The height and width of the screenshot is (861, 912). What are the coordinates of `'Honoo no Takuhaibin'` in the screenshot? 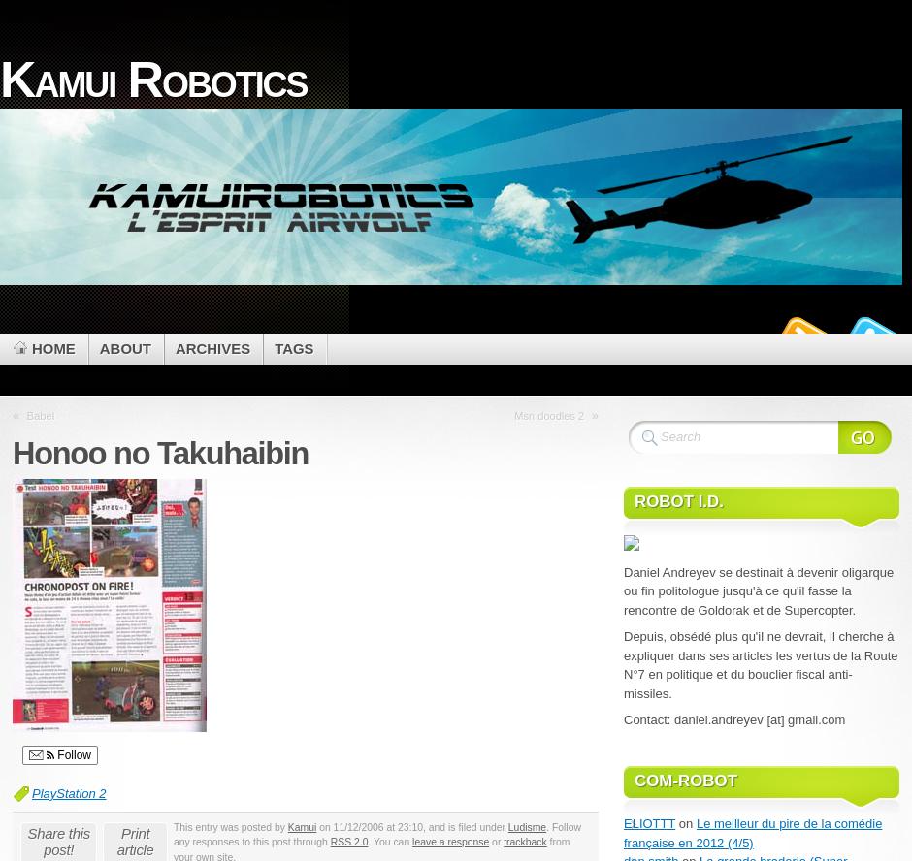 It's located at (160, 453).